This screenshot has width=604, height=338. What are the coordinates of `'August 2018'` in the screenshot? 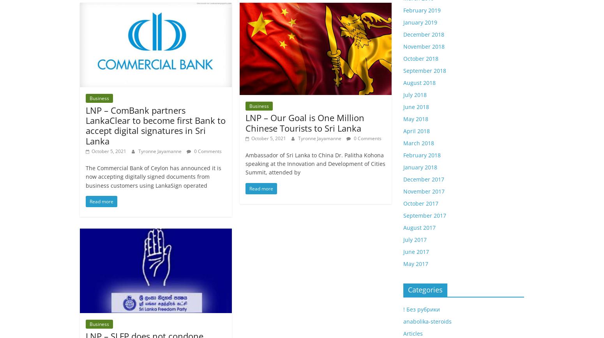 It's located at (419, 83).